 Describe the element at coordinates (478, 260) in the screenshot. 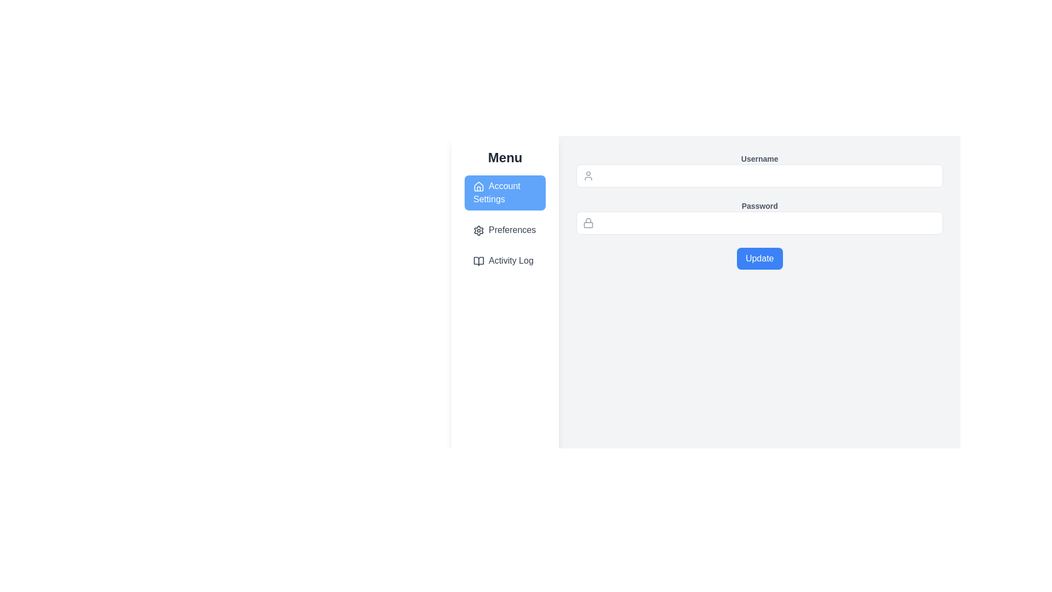

I see `the 'Activity Log' icon located to the left of the 'Activity Log' text in the menu section` at that location.